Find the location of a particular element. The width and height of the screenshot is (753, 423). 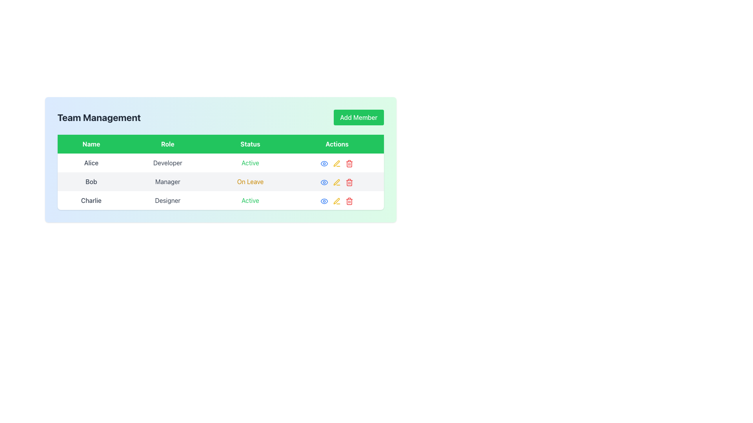

the delete button located in the third position under the 'Actions' column for the user 'Bob' in the second row of the table is located at coordinates (349, 181).